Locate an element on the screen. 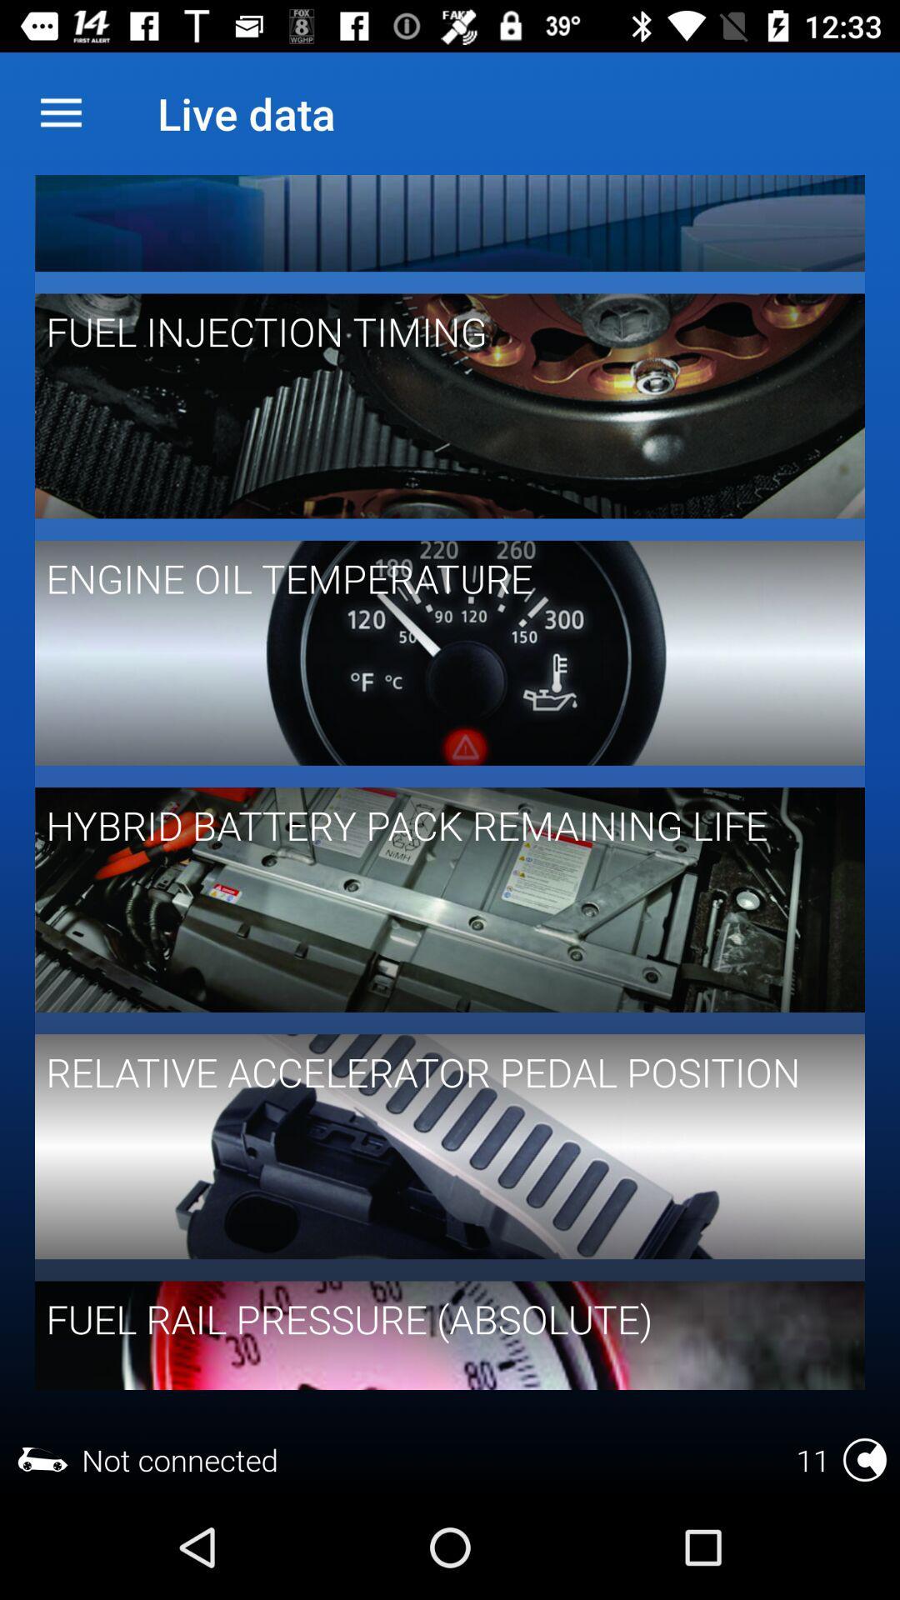  fuel injection timing item is located at coordinates (437, 331).